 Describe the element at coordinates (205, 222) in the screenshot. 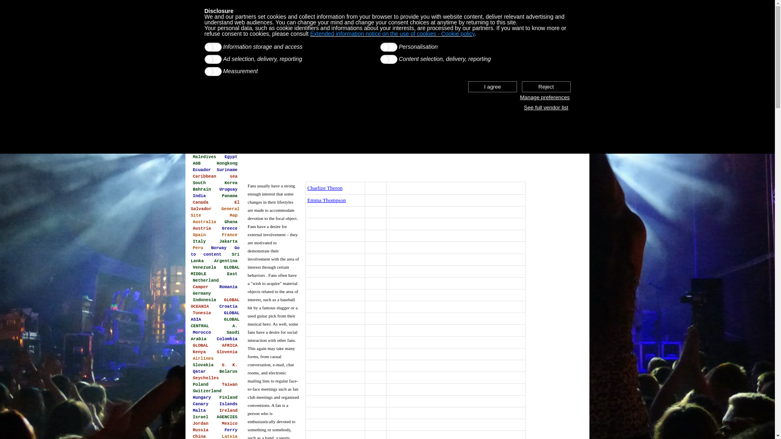

I see `'Australia'` at that location.